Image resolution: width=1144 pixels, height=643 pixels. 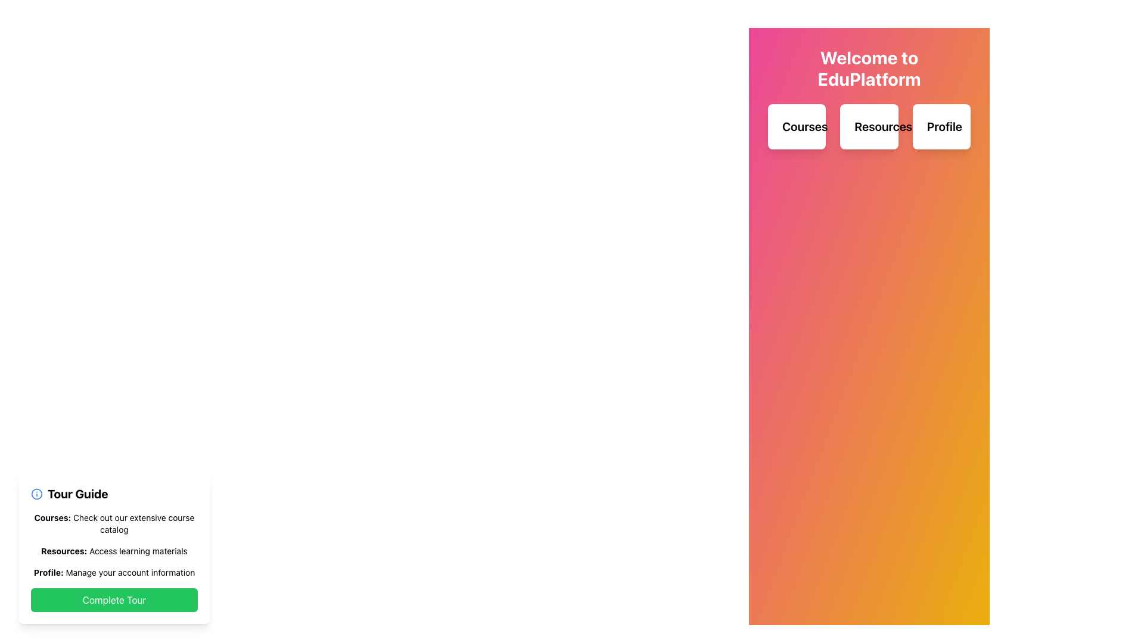 What do you see at coordinates (37, 494) in the screenshot?
I see `the circular help icon with a blue stroke and white interior containing an 'i' symbol, located near the 'Tour Guide' text` at bounding box center [37, 494].